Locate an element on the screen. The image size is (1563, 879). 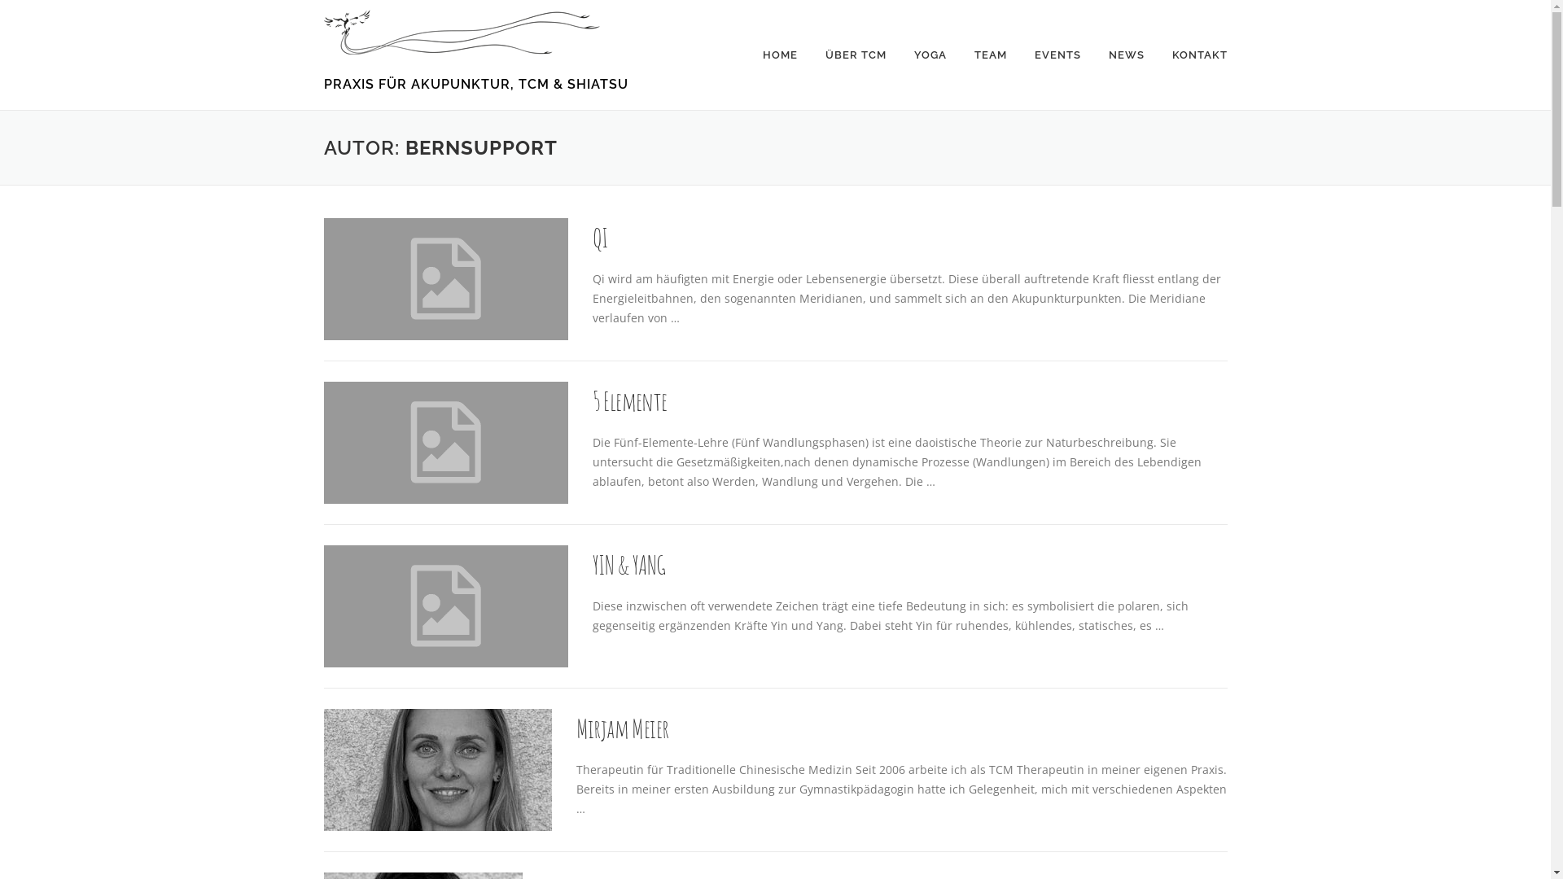
'EVENTS' is located at coordinates (1057, 54).